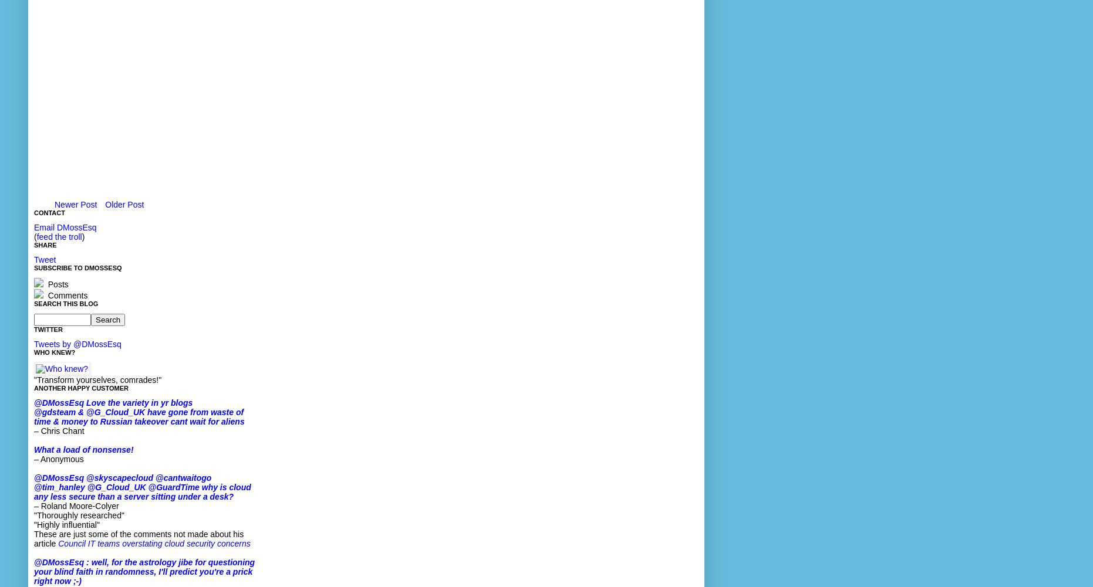 This screenshot has width=1093, height=587. I want to click on 'Search This Blog', so click(66, 303).